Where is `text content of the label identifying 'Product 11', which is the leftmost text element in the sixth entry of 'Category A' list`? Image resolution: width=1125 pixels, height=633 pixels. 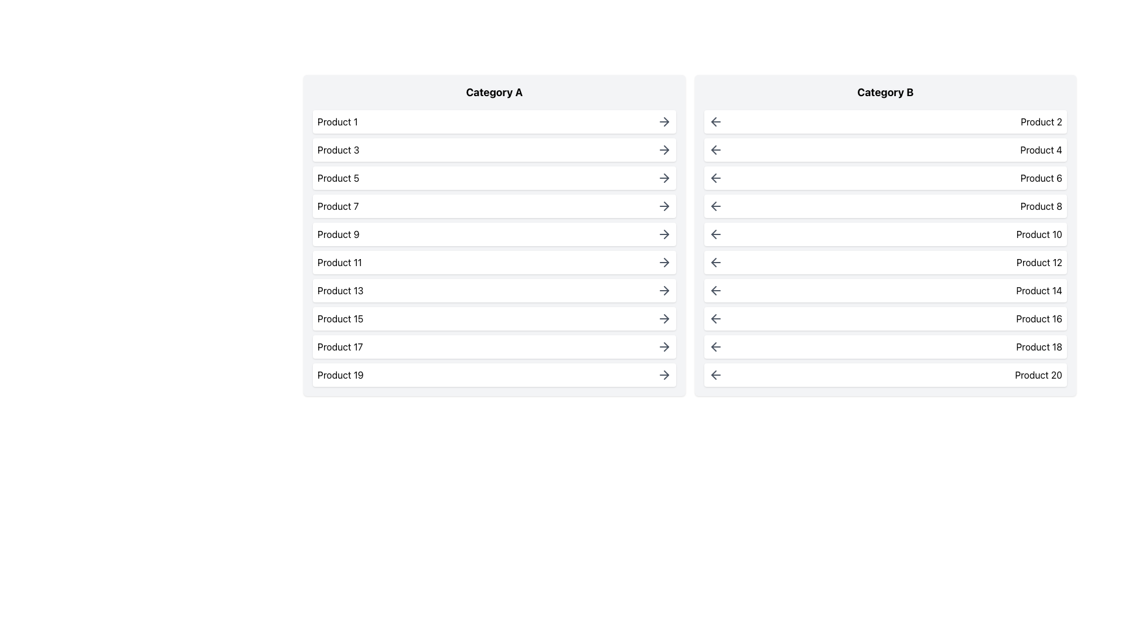 text content of the label identifying 'Product 11', which is the leftmost text element in the sixth entry of 'Category A' list is located at coordinates (339, 261).